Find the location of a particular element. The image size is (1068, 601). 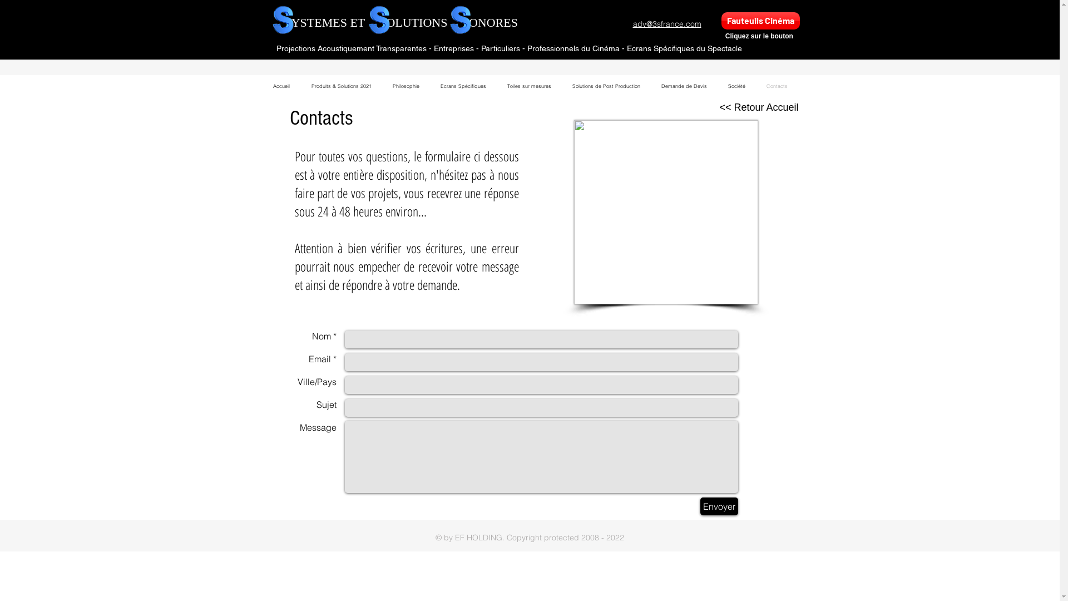

'adv@3sfrance.com' is located at coordinates (632, 23).